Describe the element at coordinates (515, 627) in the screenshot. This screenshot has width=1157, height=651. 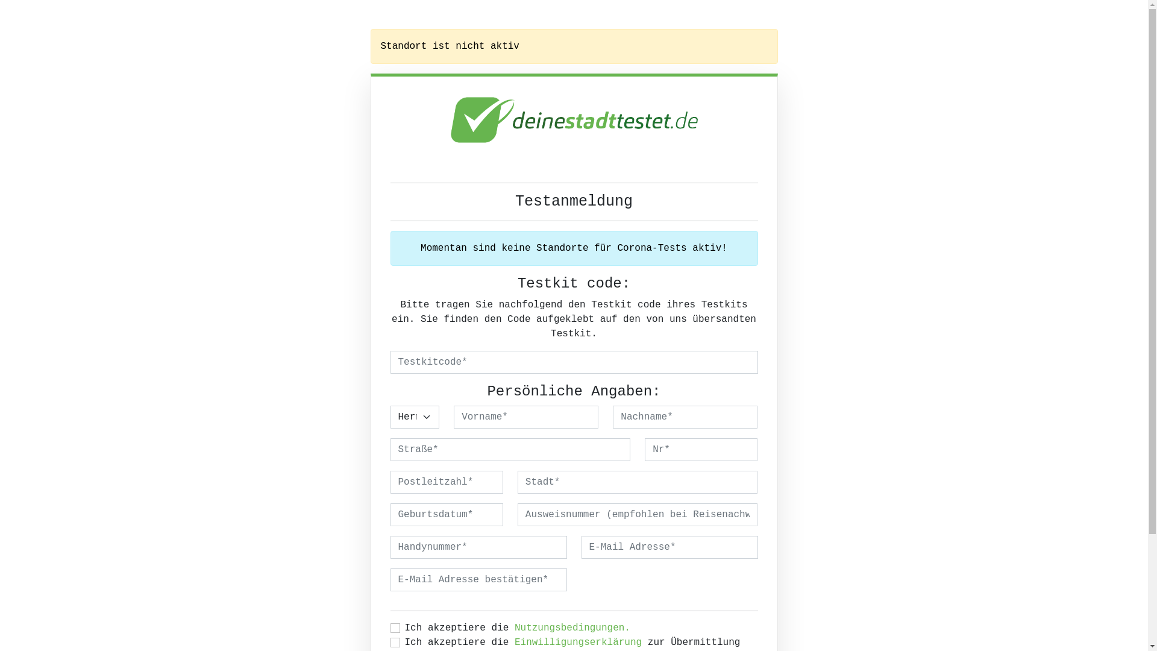
I see `'Nutzungsbedingungen.'` at that location.